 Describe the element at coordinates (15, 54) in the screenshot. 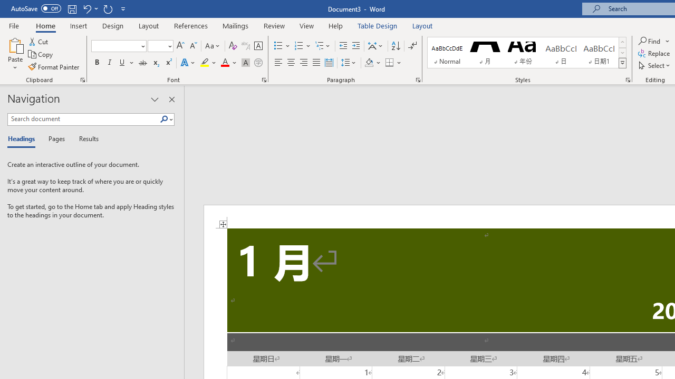

I see `'Paste'` at that location.